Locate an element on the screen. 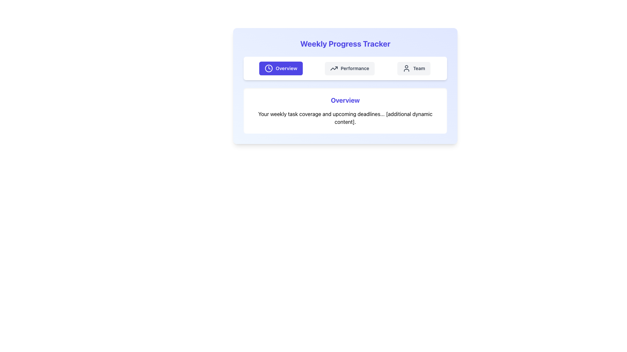  the 'Team' button which contains a minimalistic user icon styled with a dark stroke, located within the 'Weekly Progress Tracker' section is located at coordinates (406, 68).